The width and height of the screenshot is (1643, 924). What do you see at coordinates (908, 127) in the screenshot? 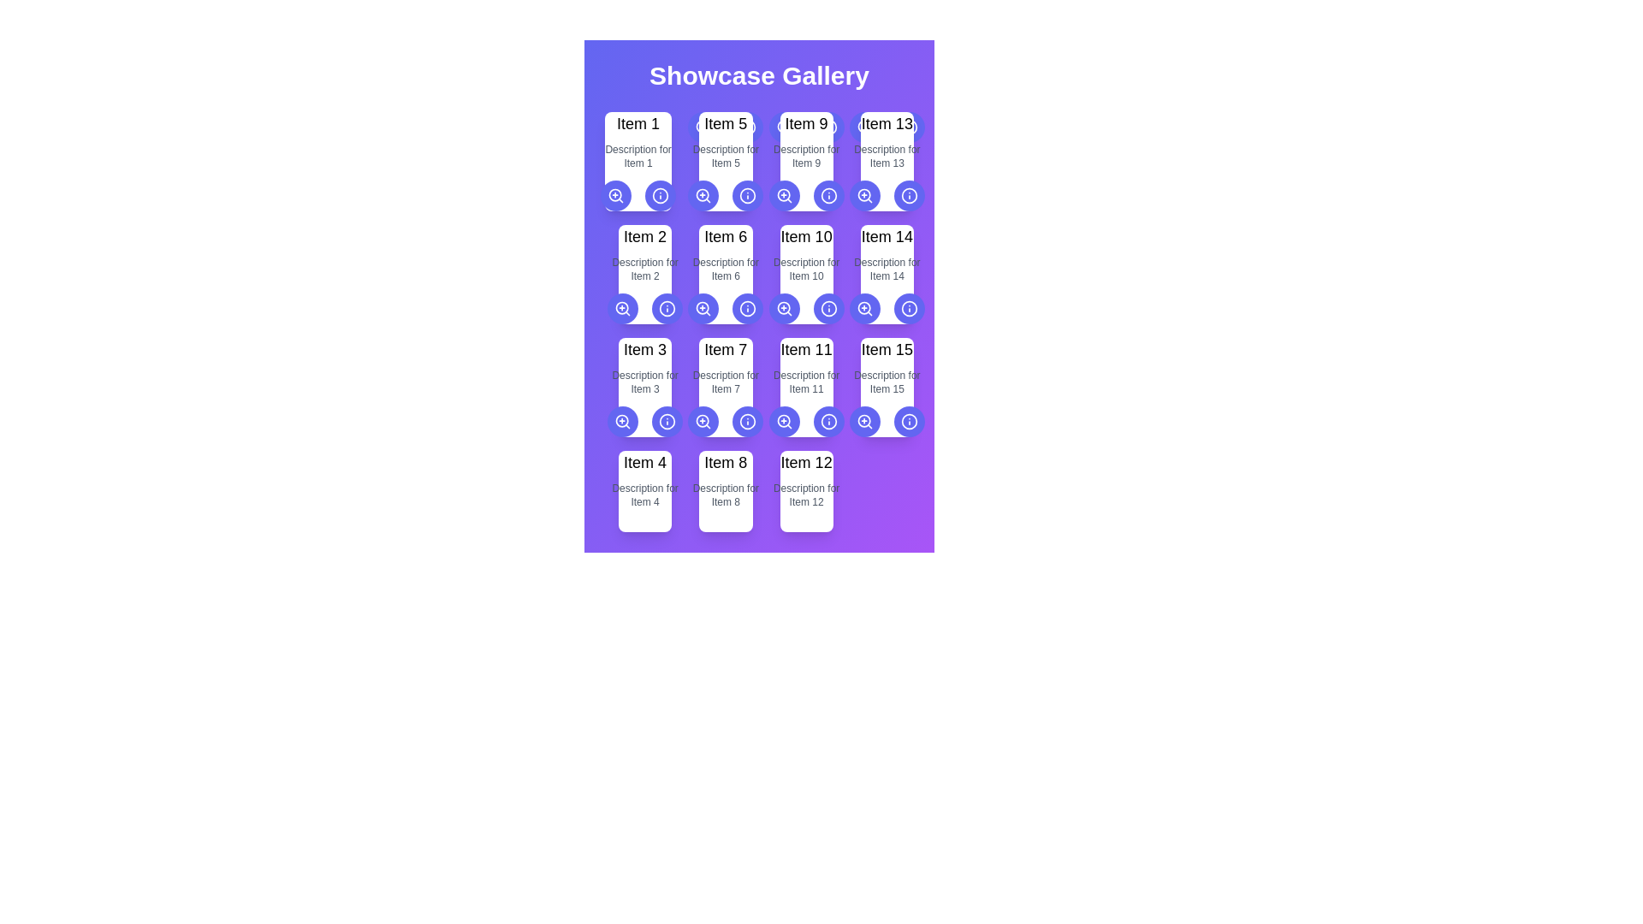
I see `the circular graphical boundary of the information icon located at the top-right corner of the card labeled 'Item 13' in the grid layout` at bounding box center [908, 127].